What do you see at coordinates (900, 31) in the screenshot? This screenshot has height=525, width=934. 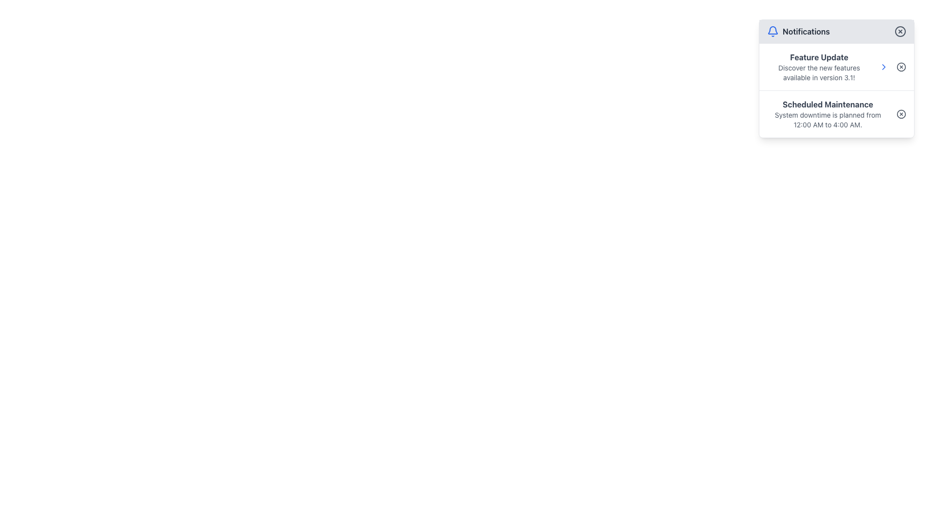 I see `the circular close button with an 'X' mark located at the top-right corner of the notification dropdown` at bounding box center [900, 31].